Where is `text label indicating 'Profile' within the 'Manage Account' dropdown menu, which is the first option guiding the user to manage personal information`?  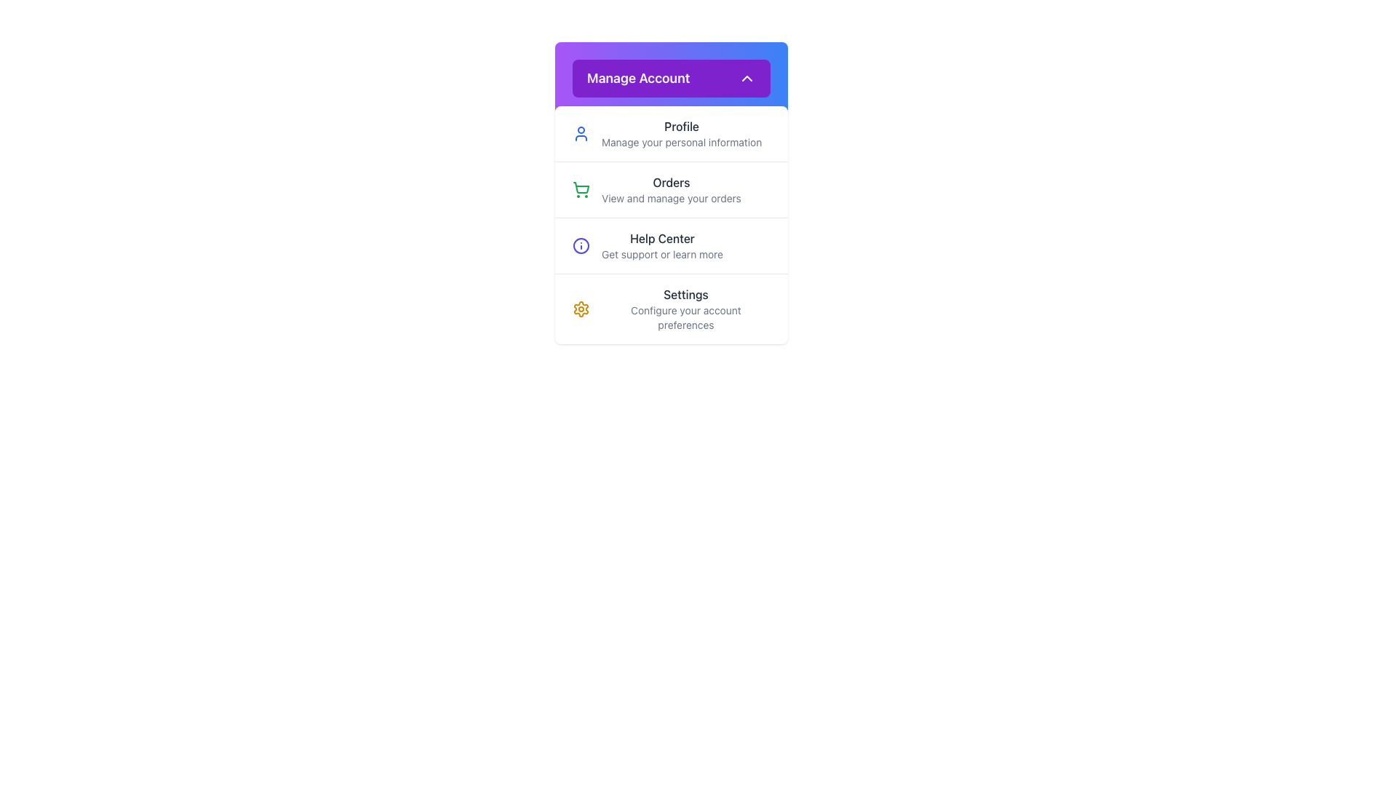
text label indicating 'Profile' within the 'Manage Account' dropdown menu, which is the first option guiding the user to manage personal information is located at coordinates (681, 125).